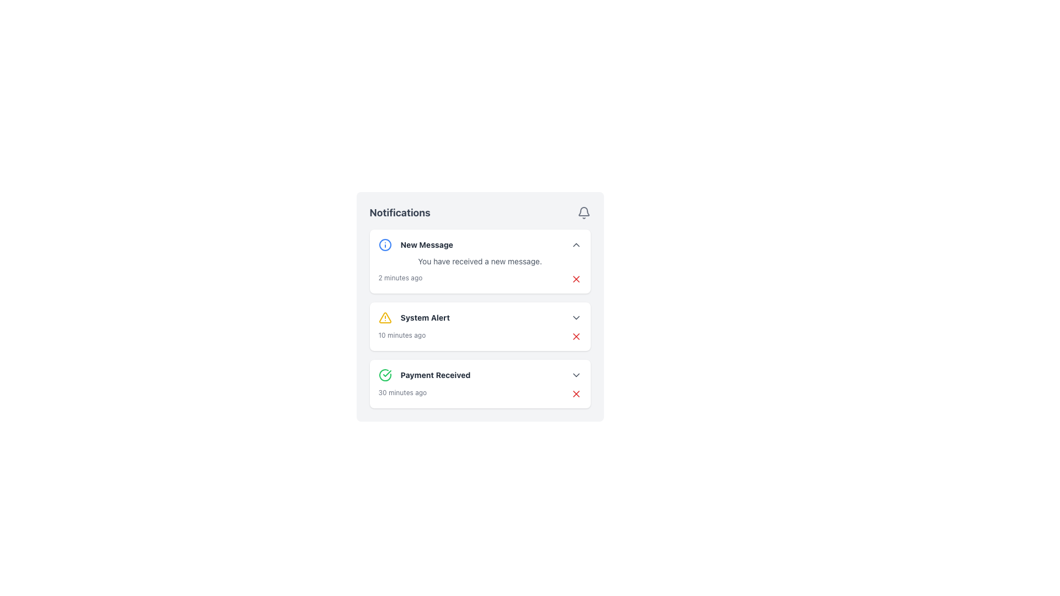 The image size is (1060, 596). Describe the element at coordinates (575, 278) in the screenshot. I see `the Close icon located in the top-right corner of the first notification card` at that location.